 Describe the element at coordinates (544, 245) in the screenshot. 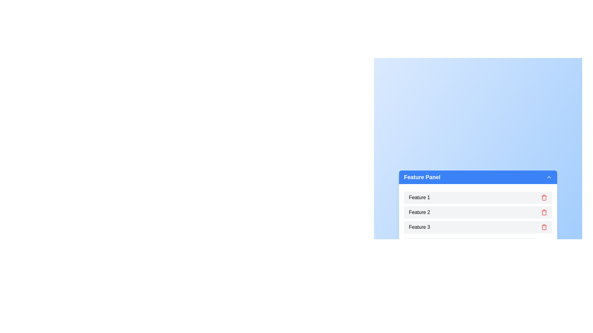

I see `the interactive button located at the bottom-right corner of the 'Feature Panel'` at that location.